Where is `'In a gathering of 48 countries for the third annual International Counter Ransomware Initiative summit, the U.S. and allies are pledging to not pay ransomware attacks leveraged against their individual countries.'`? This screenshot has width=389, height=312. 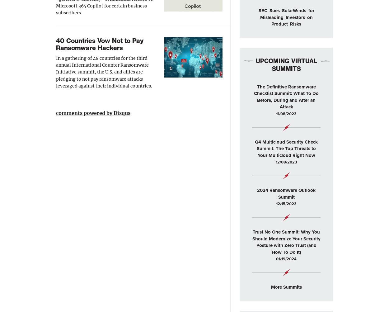 'In a gathering of 48 countries for the third annual International Counter Ransomware Initiative summit, the U.S. and allies are pledging to not pay ransomware attacks leveraged against their individual countries.' is located at coordinates (104, 72).